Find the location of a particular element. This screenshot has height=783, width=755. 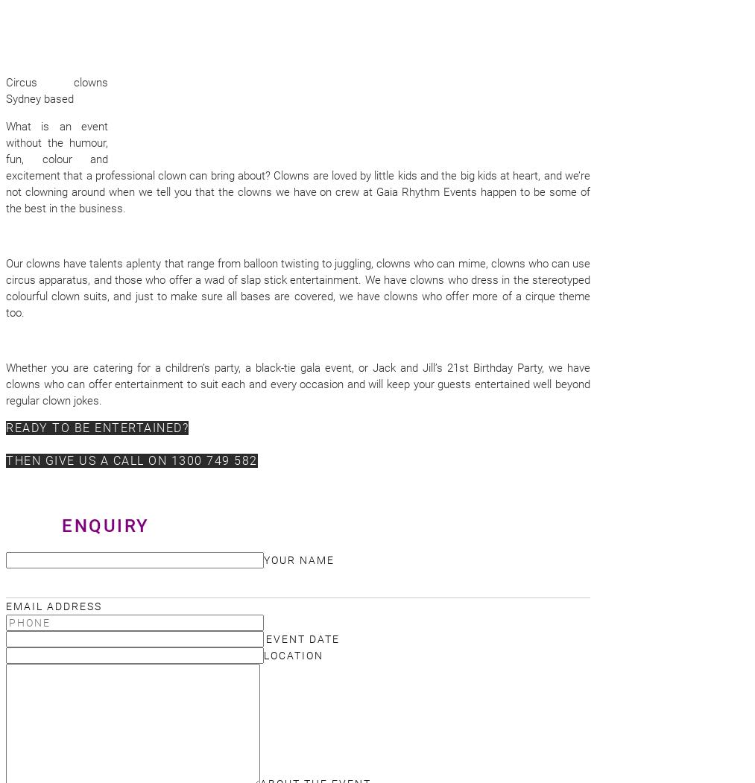

'THEN GIVE US A CALL ON 1300 749 582' is located at coordinates (131, 460).